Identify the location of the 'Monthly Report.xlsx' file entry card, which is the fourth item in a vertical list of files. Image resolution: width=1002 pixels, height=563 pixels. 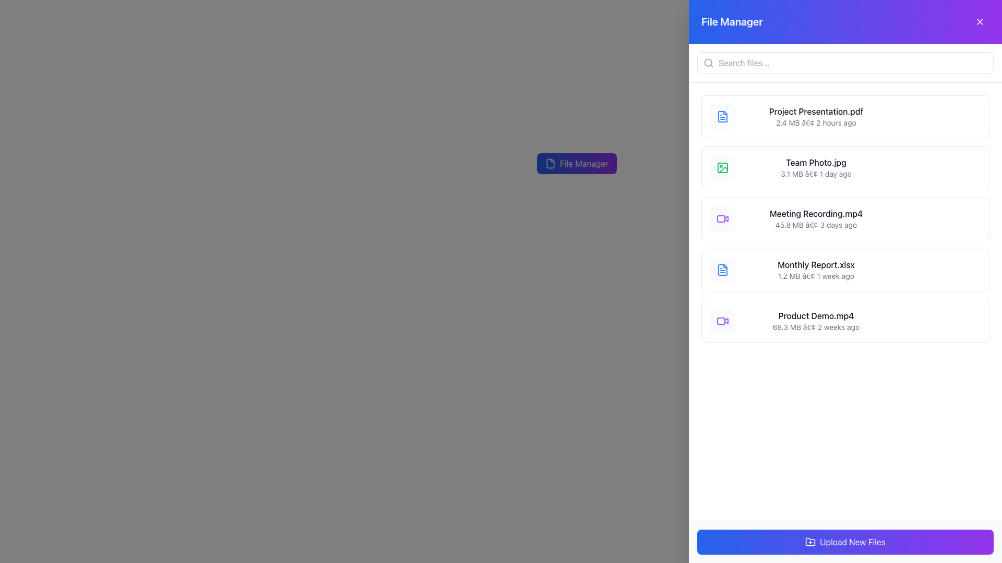
(845, 269).